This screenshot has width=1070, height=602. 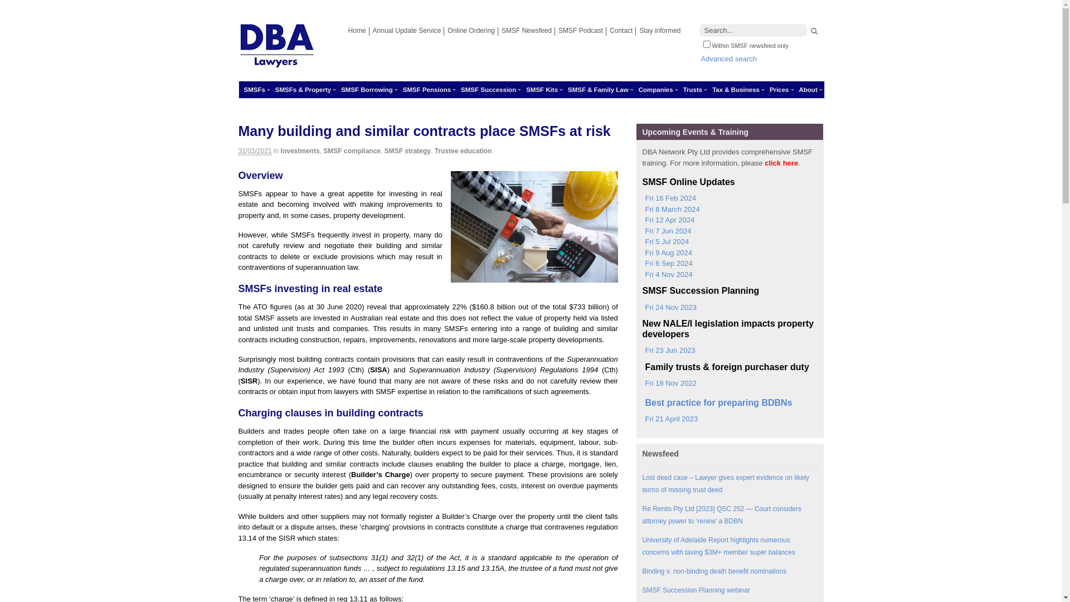 What do you see at coordinates (665, 241) in the screenshot?
I see `'Fri 5 Jul 2024'` at bounding box center [665, 241].